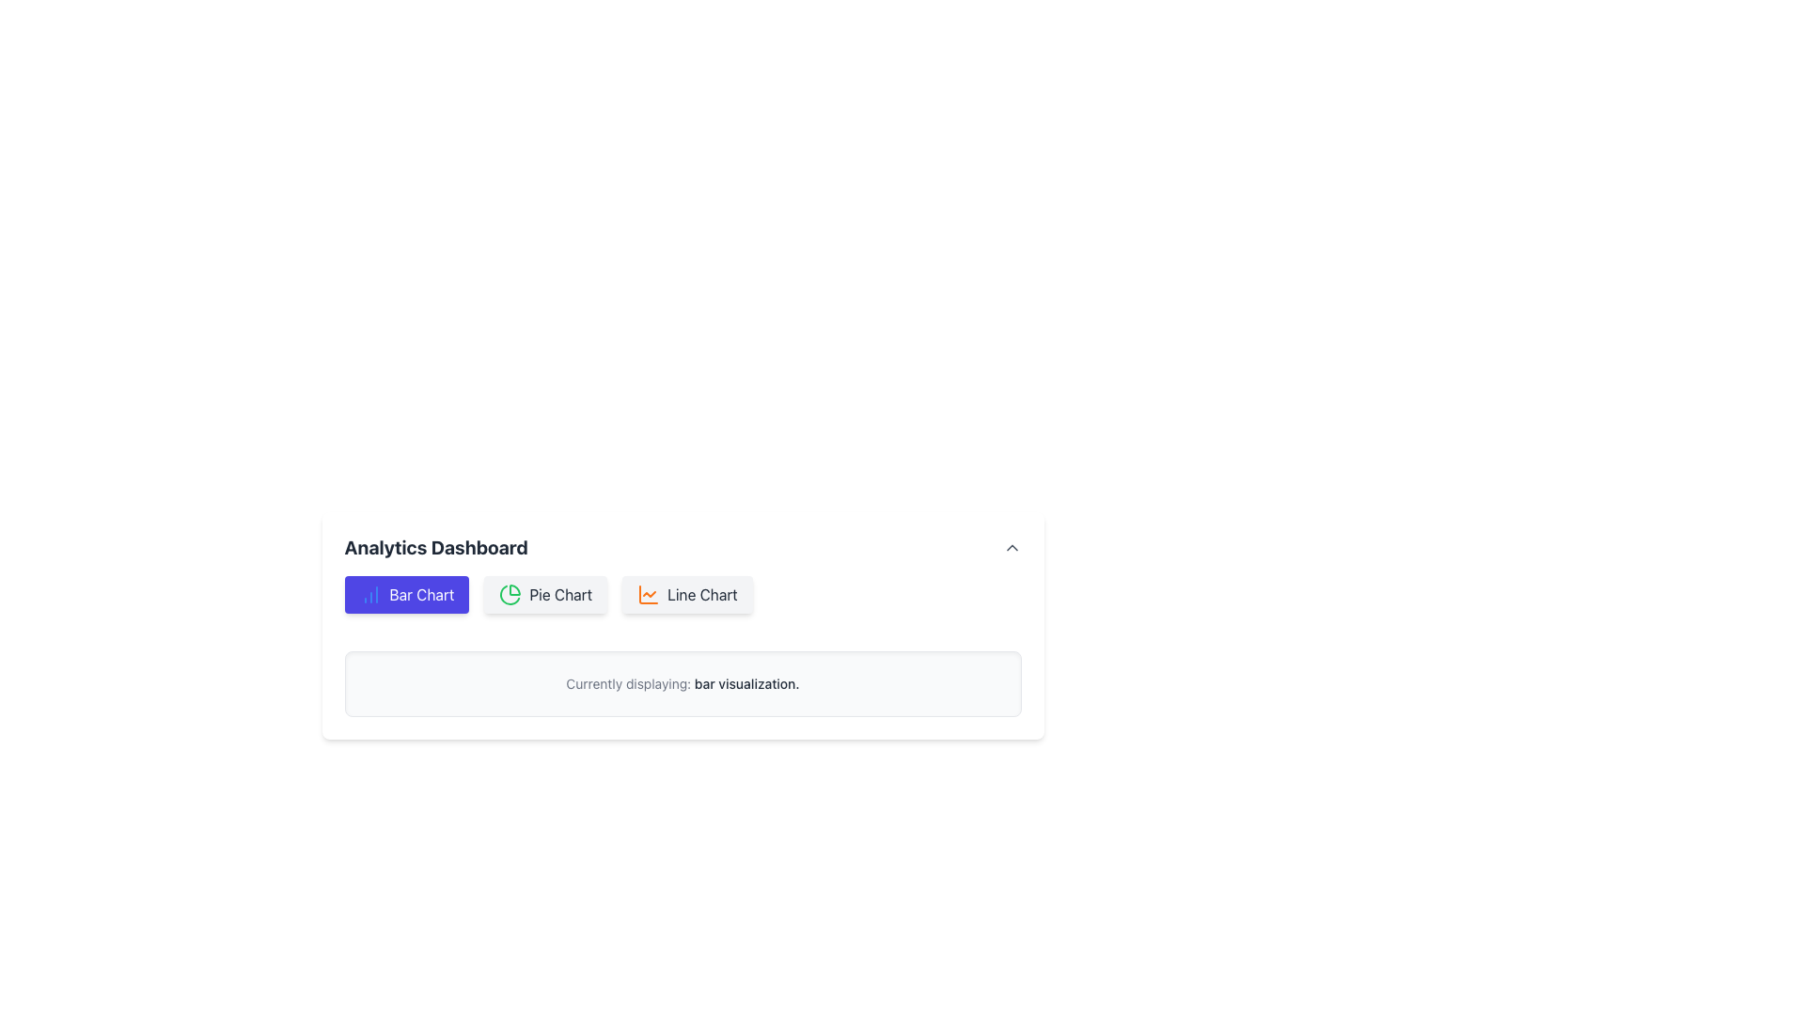 Image resolution: width=1805 pixels, height=1015 pixels. I want to click on the bar chart icon located to the left of the 'Bar Chart' button in the chart selection interface, so click(370, 594).